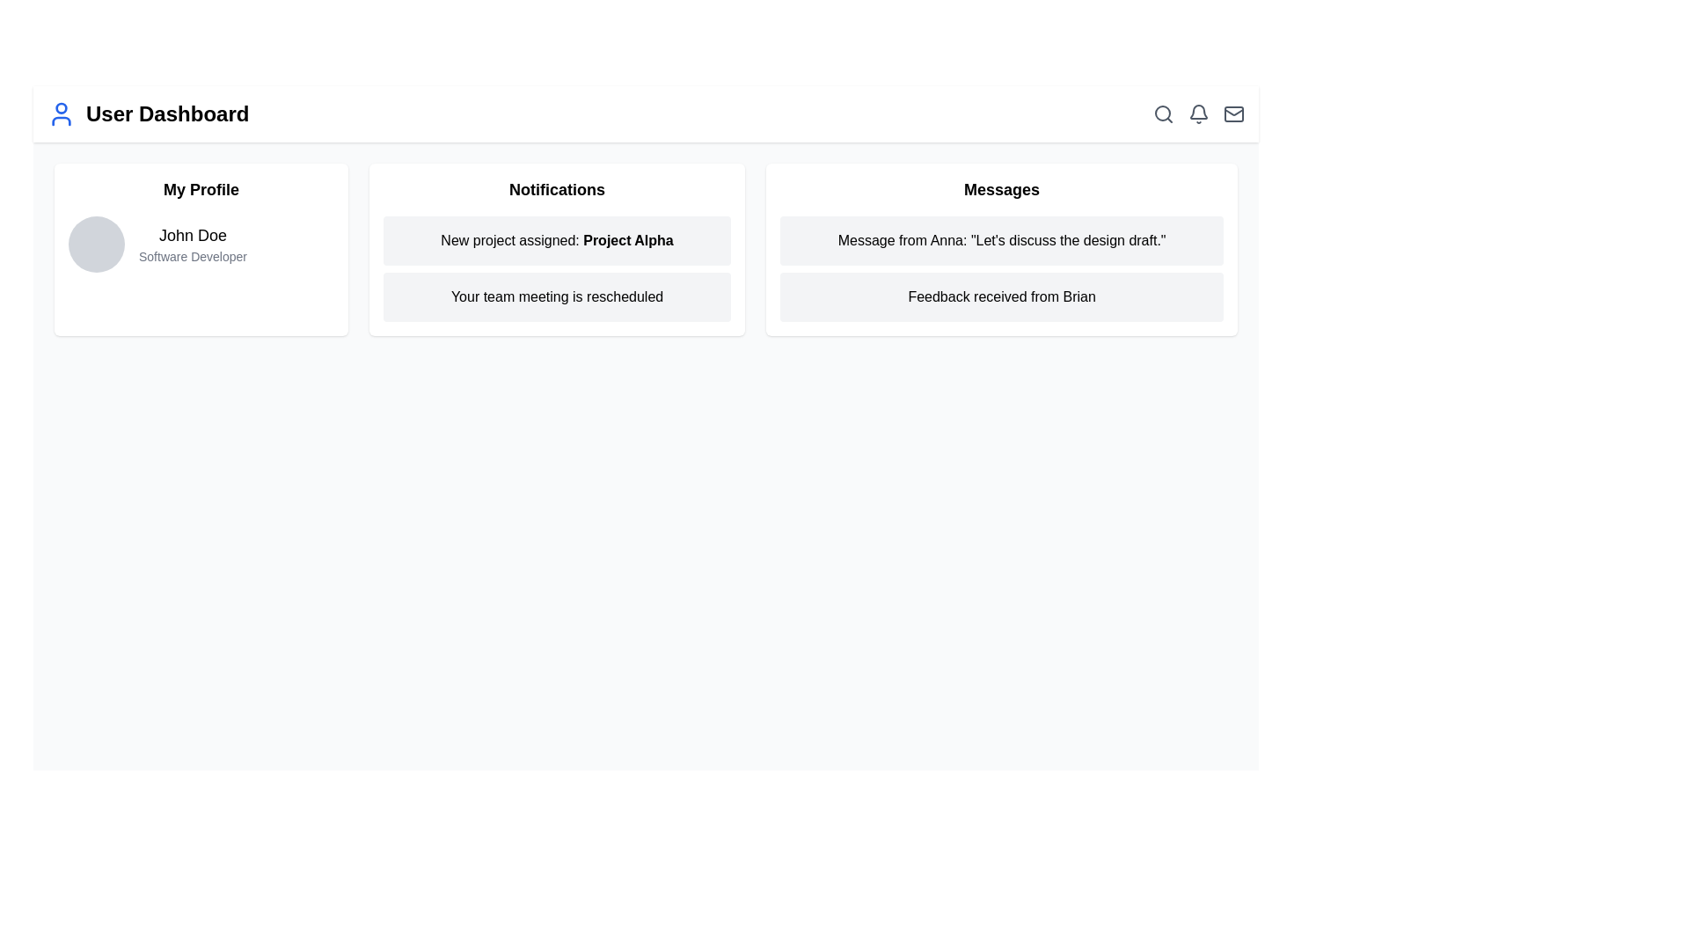 The width and height of the screenshot is (1689, 950). I want to click on the decorative rectangular body of the envelope icon located in the upper right corner of the interface, so click(1232, 114).